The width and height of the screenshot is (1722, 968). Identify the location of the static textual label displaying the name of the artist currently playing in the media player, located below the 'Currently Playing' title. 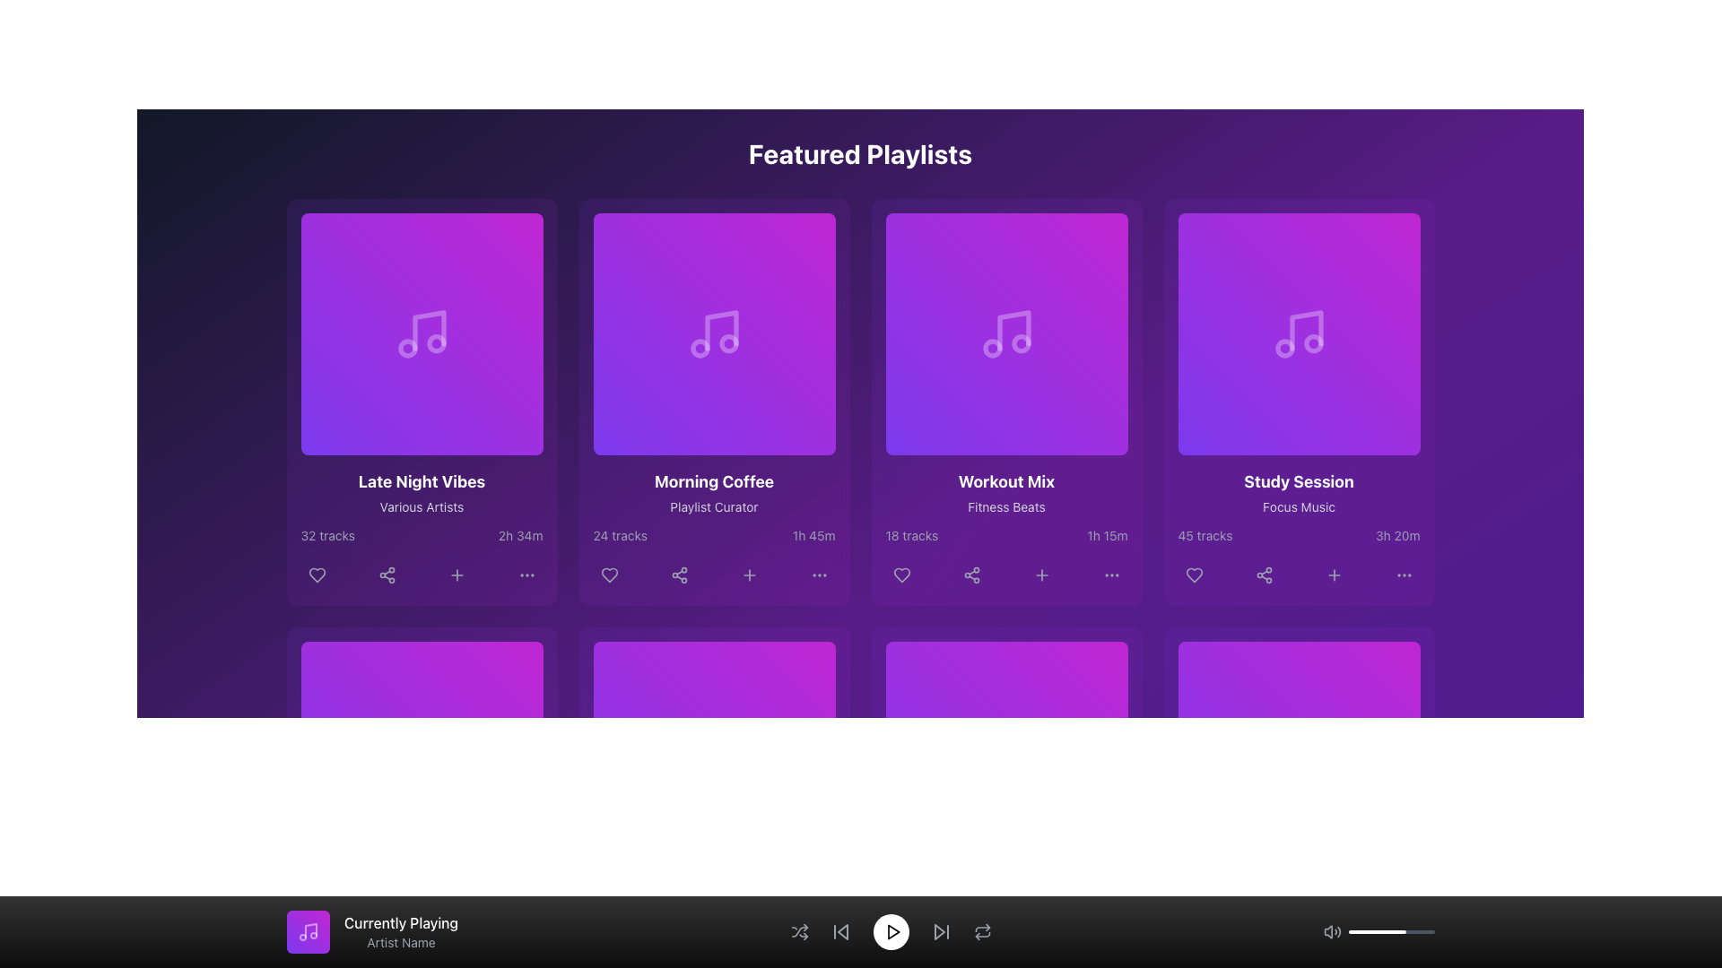
(400, 942).